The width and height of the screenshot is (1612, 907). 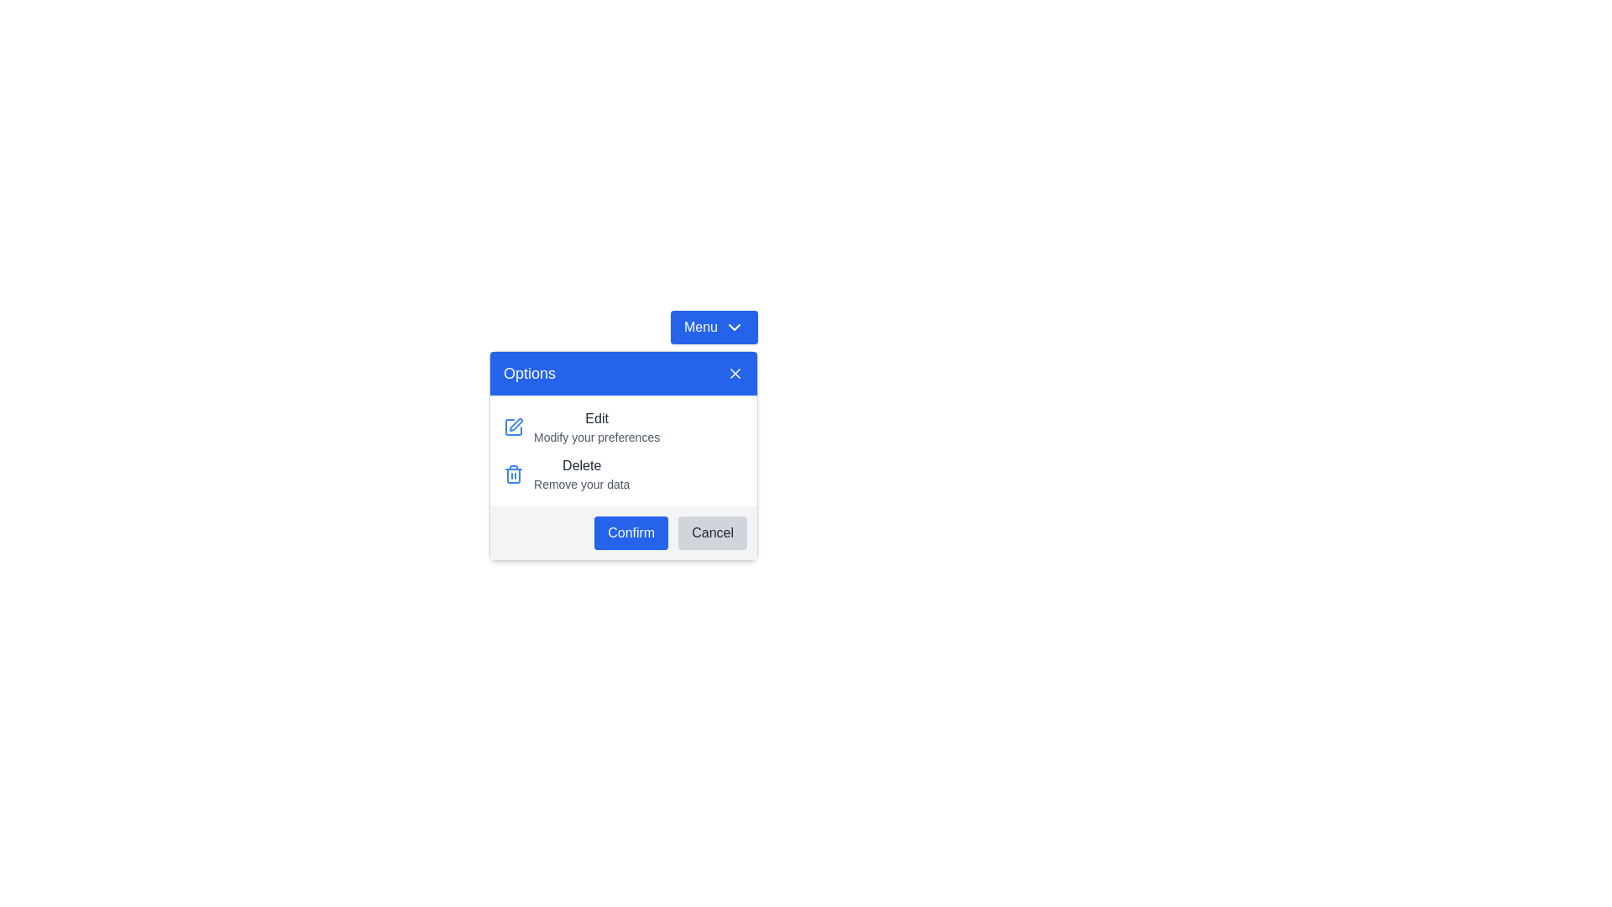 What do you see at coordinates (529, 372) in the screenshot?
I see `the Text label located in the top-left corner of the blue header bar of the popup window, which indicates the contents or purpose of the window` at bounding box center [529, 372].